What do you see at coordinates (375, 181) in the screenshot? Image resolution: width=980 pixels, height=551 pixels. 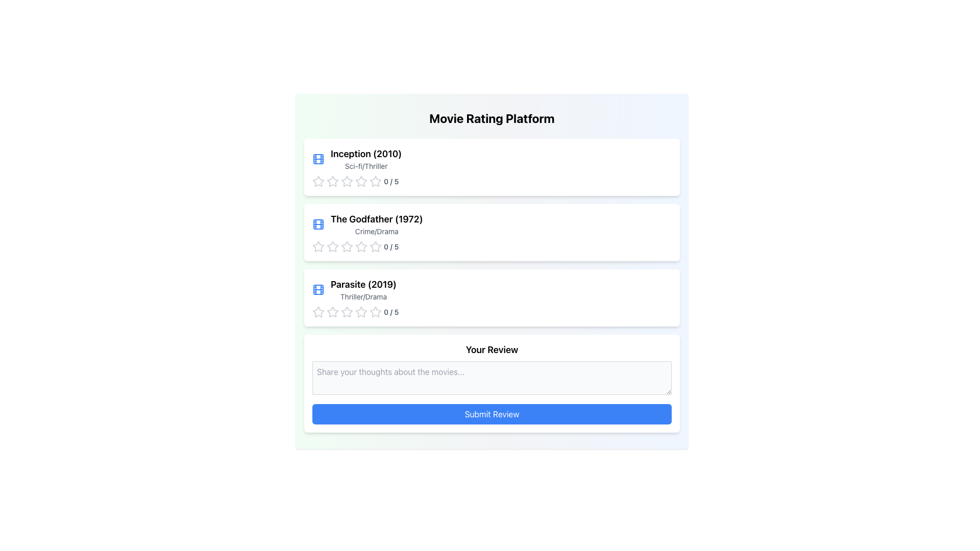 I see `the fifth rating star icon for the movie 'Inception (2010)', which is a light gray hollow star located in the rating section` at bounding box center [375, 181].